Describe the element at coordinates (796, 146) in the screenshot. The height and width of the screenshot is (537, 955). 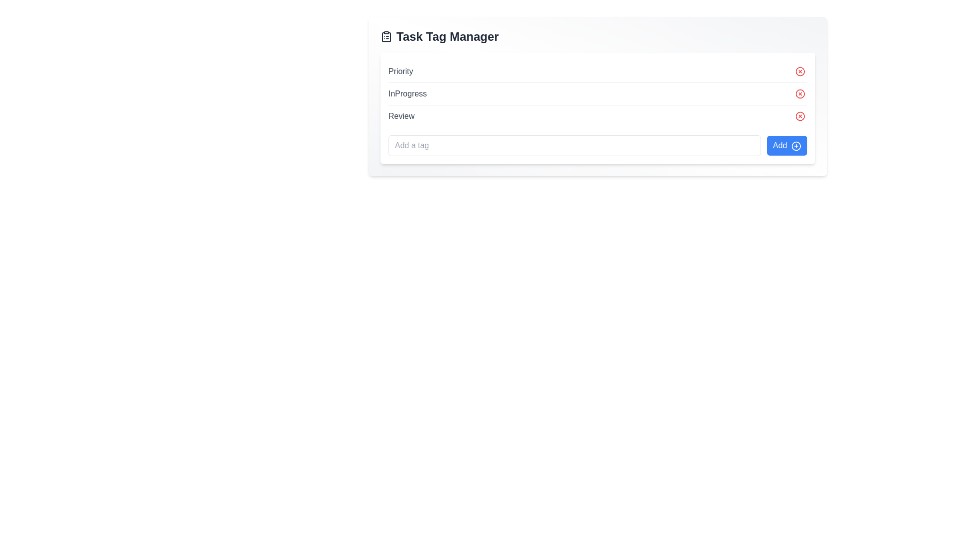
I see `the circular icon with a plus symbol within the 'Task Tag Manager' interface` at that location.